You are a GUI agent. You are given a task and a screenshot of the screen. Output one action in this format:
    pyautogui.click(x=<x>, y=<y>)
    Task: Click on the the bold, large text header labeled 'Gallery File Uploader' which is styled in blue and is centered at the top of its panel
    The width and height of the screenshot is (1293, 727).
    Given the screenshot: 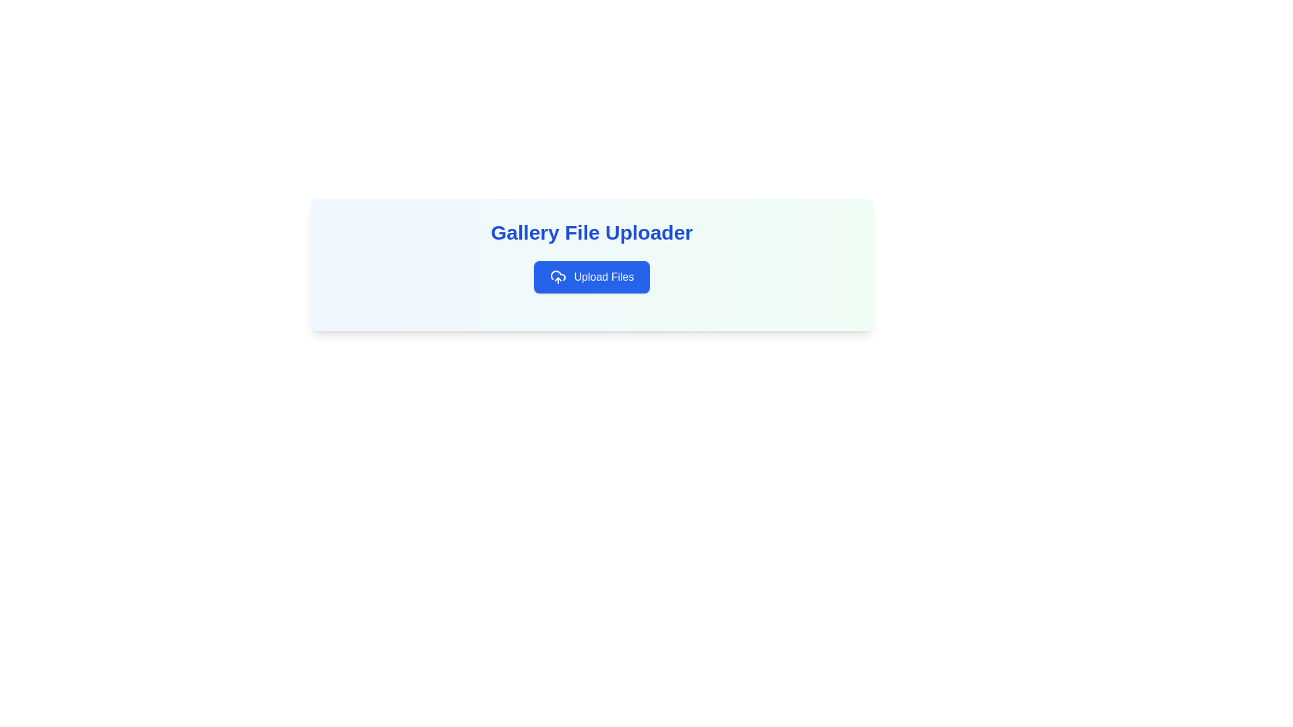 What is the action you would take?
    pyautogui.click(x=591, y=232)
    